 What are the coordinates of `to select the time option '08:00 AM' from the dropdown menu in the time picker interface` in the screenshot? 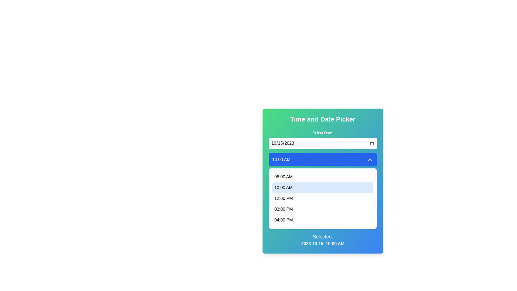 It's located at (283, 177).